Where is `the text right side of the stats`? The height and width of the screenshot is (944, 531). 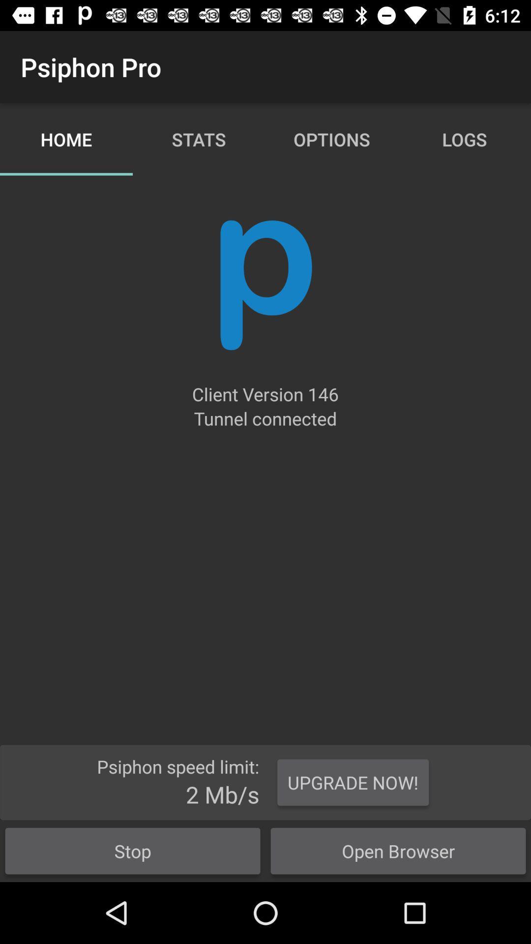 the text right side of the stats is located at coordinates (332, 139).